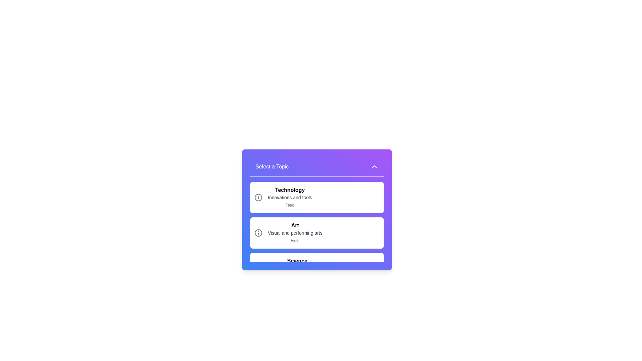  Describe the element at coordinates (317, 222) in the screenshot. I see `the selectable list item for the topic 'Art', which is the second item in the 'Select a Topic' list` at that location.